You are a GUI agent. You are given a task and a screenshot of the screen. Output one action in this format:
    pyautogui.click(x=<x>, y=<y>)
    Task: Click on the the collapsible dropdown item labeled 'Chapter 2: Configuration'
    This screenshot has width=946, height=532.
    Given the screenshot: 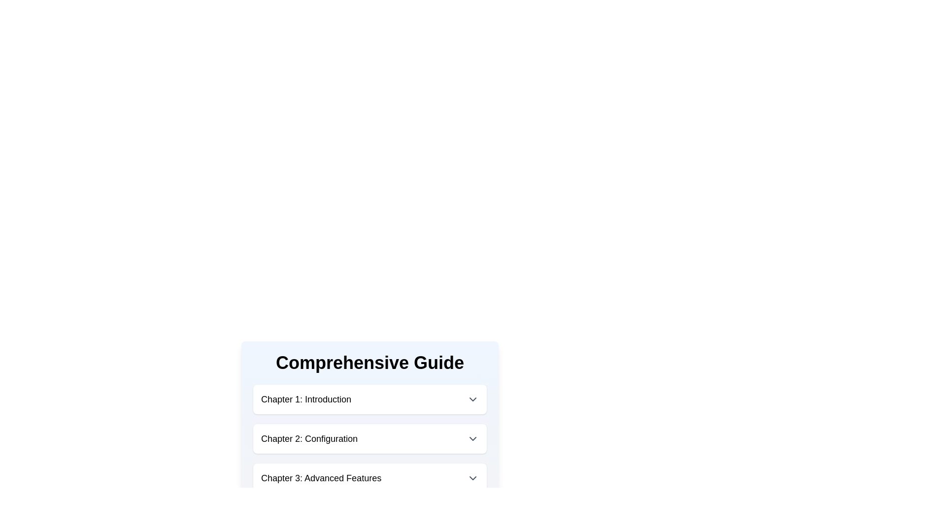 What is the action you would take?
    pyautogui.click(x=369, y=423)
    